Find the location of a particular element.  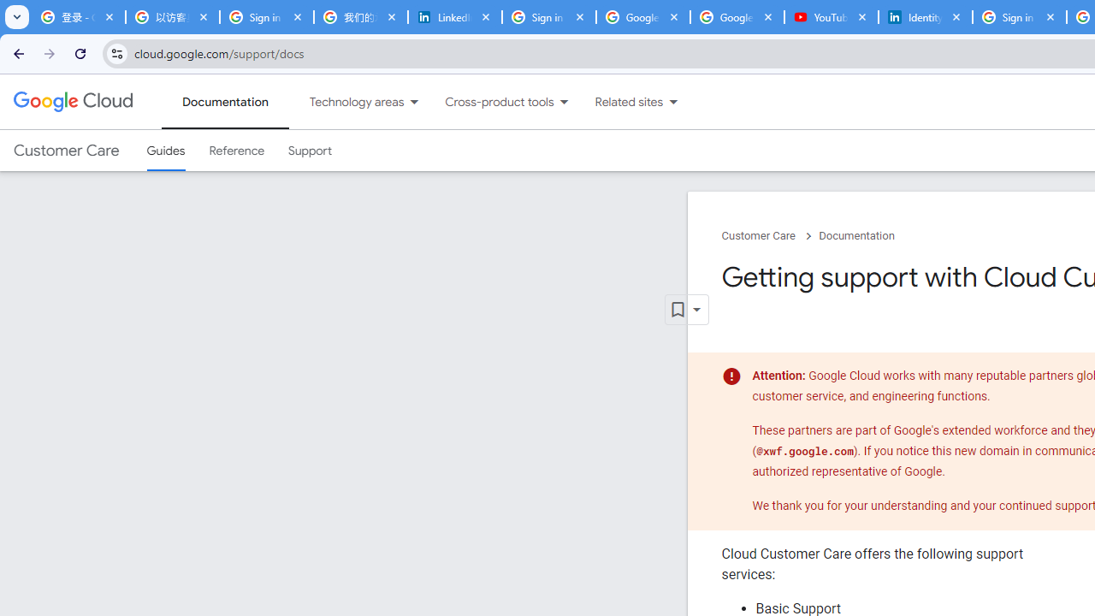

'Dropdown menu for Related sites' is located at coordinates (672, 102).